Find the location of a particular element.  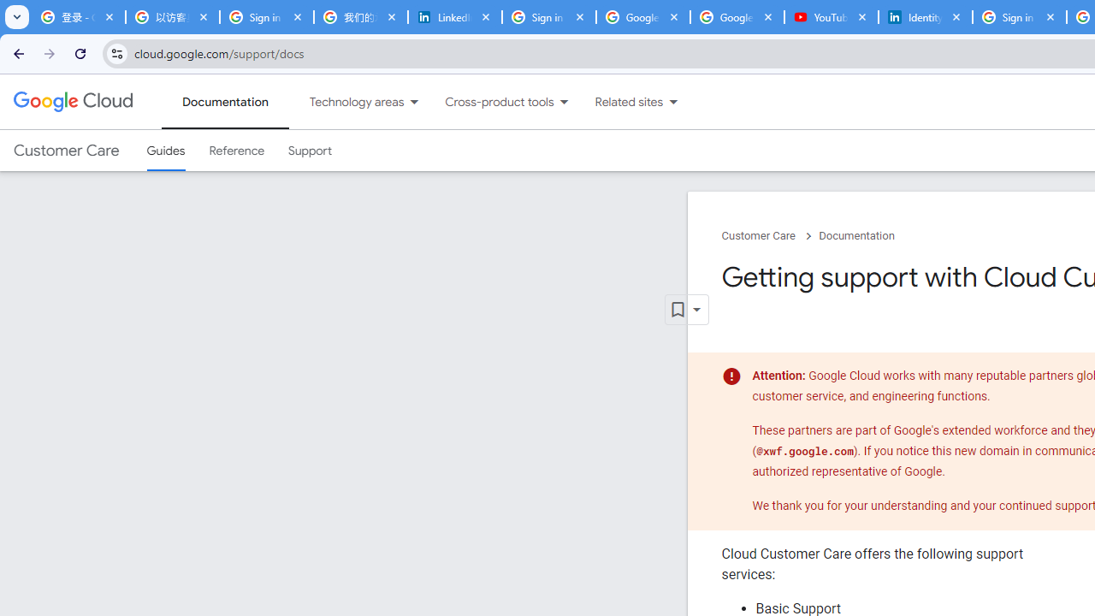

'Dropdown menu for Related sites' is located at coordinates (672, 102).